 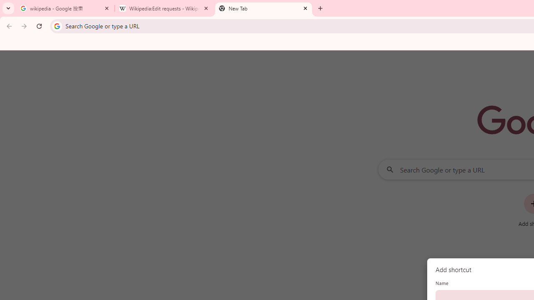 What do you see at coordinates (164, 8) in the screenshot?
I see `'Wikipedia:Edit requests - Wikipedia'` at bounding box center [164, 8].